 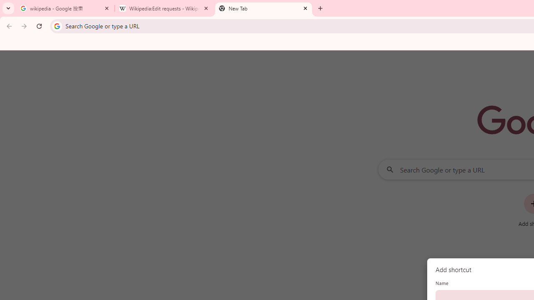 What do you see at coordinates (164, 8) in the screenshot?
I see `'Wikipedia:Edit requests - Wikipedia'` at bounding box center [164, 8].